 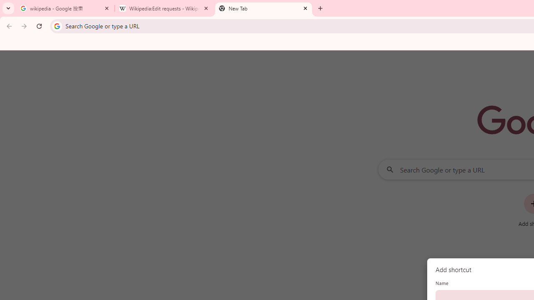 What do you see at coordinates (164, 8) in the screenshot?
I see `'Wikipedia:Edit requests - Wikipedia'` at bounding box center [164, 8].